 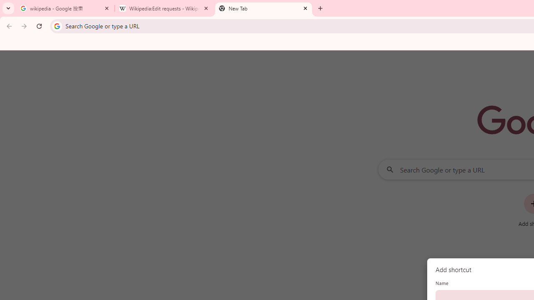 What do you see at coordinates (164, 8) in the screenshot?
I see `'Wikipedia:Edit requests - Wikipedia'` at bounding box center [164, 8].